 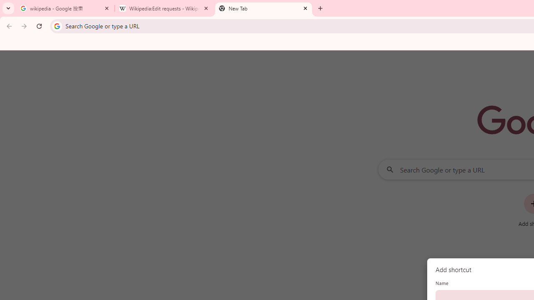 What do you see at coordinates (164, 8) in the screenshot?
I see `'Wikipedia:Edit requests - Wikipedia'` at bounding box center [164, 8].